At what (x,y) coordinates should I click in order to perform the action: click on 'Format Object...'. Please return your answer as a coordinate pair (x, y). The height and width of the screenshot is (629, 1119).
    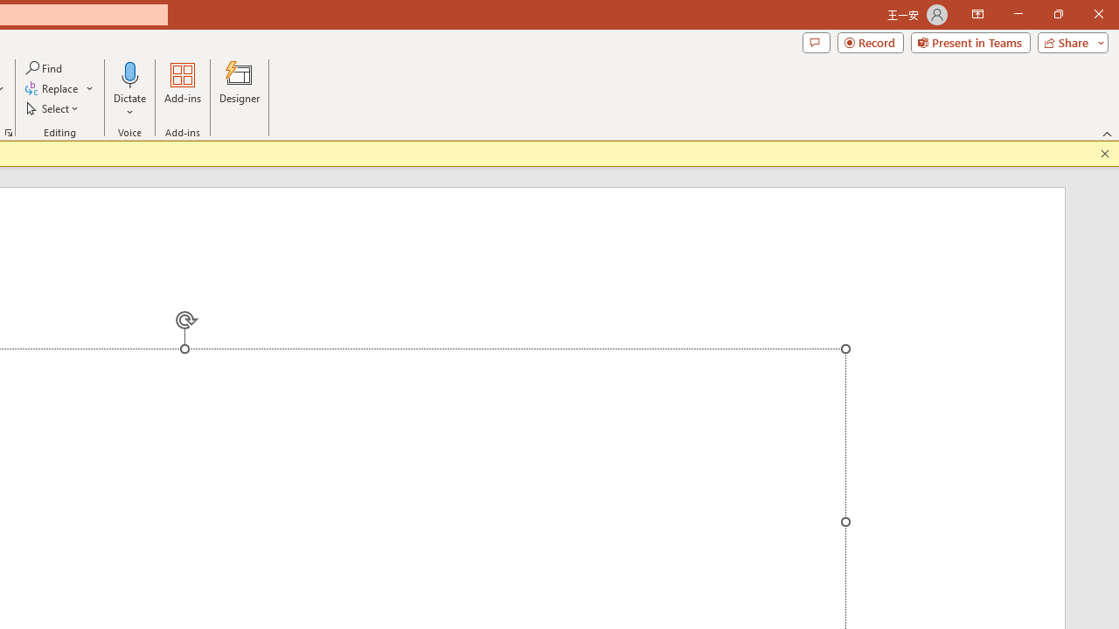
    Looking at the image, I should click on (9, 131).